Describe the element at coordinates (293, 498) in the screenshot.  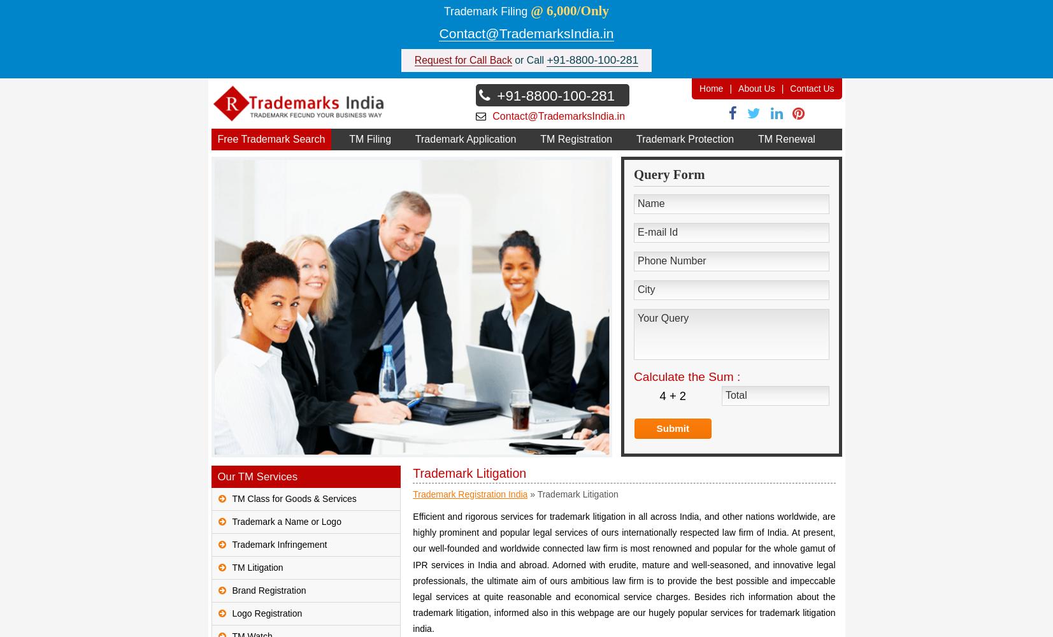
I see `'TM Class for Goods & Services'` at that location.